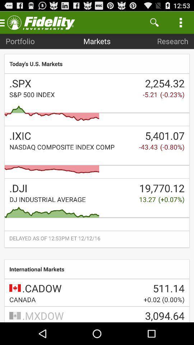  Describe the element at coordinates (154, 22) in the screenshot. I see `the item next to markets item` at that location.